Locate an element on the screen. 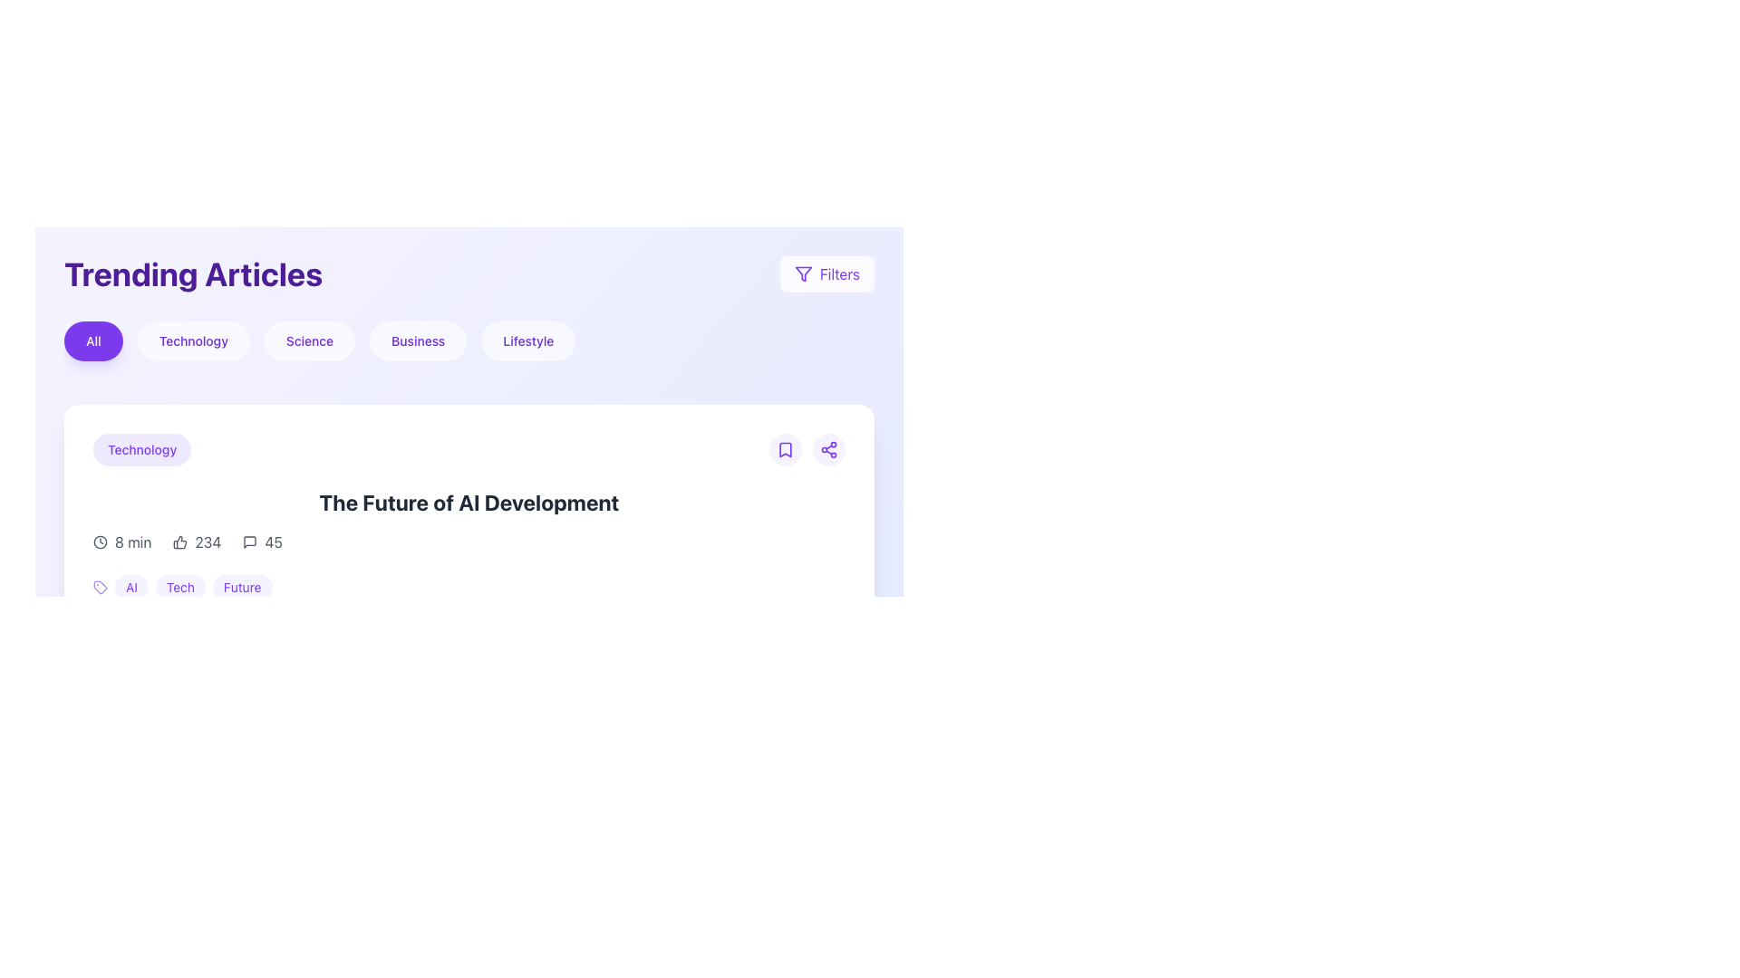  the 'Business' button, which is the fourth button from the left in the row below 'Trending Articles', distinguished by violet text on a white rounded background is located at coordinates (417, 341).